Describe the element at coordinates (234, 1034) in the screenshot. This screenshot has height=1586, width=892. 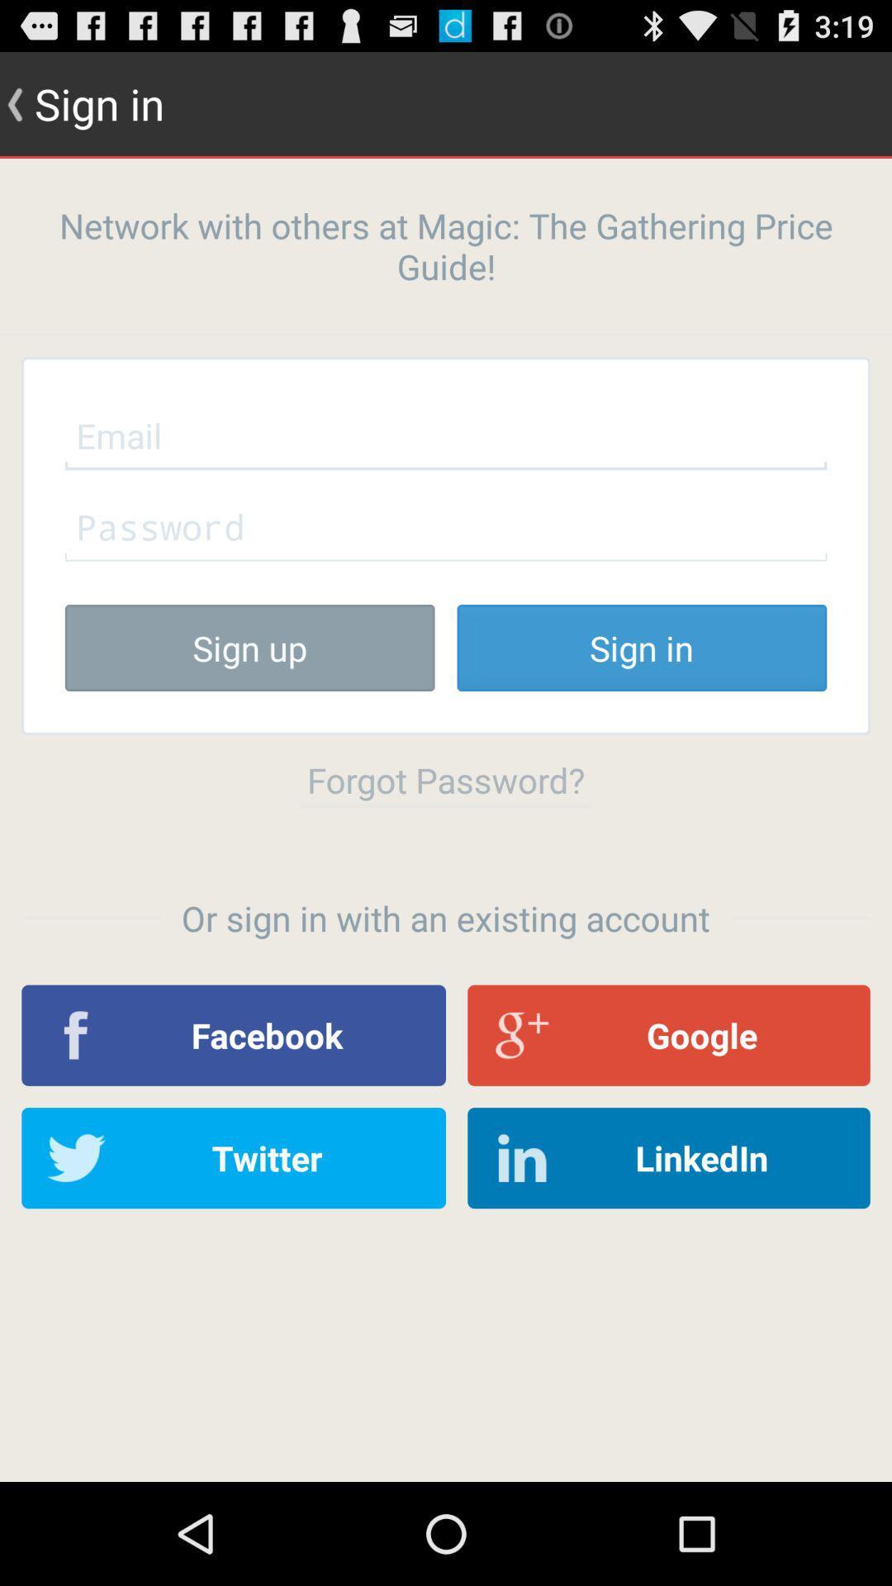
I see `facebook` at that location.